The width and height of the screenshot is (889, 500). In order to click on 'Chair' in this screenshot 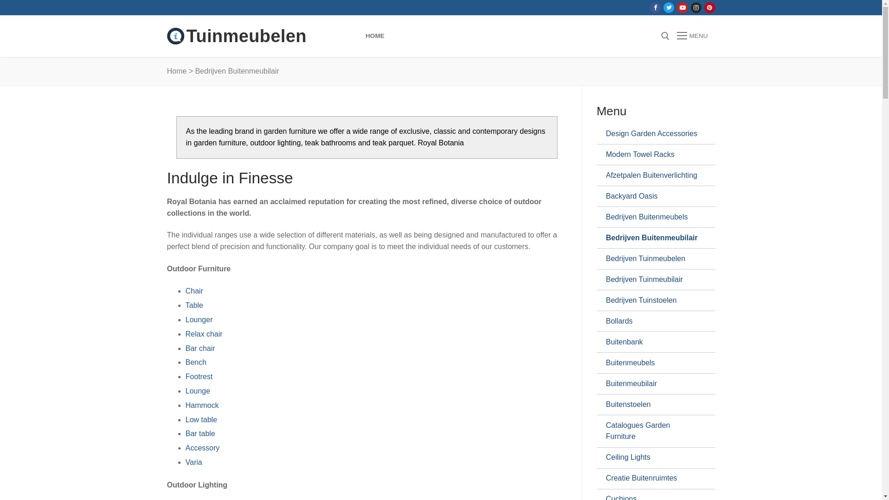, I will do `click(193, 290)`.